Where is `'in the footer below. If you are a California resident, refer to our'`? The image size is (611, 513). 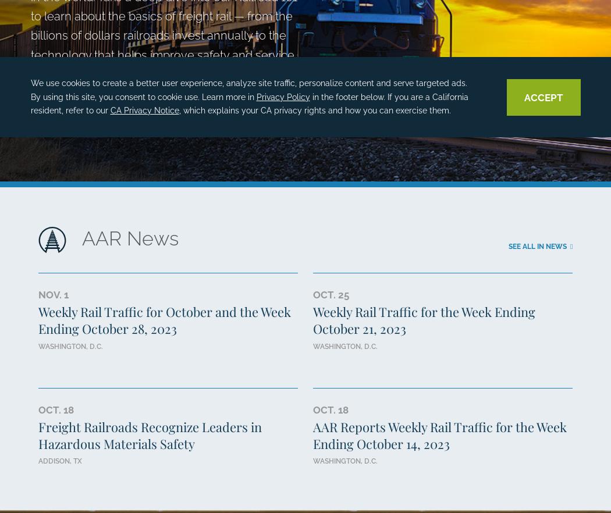 'in the footer below. If you are a California resident, refer to our' is located at coordinates (248, 102).